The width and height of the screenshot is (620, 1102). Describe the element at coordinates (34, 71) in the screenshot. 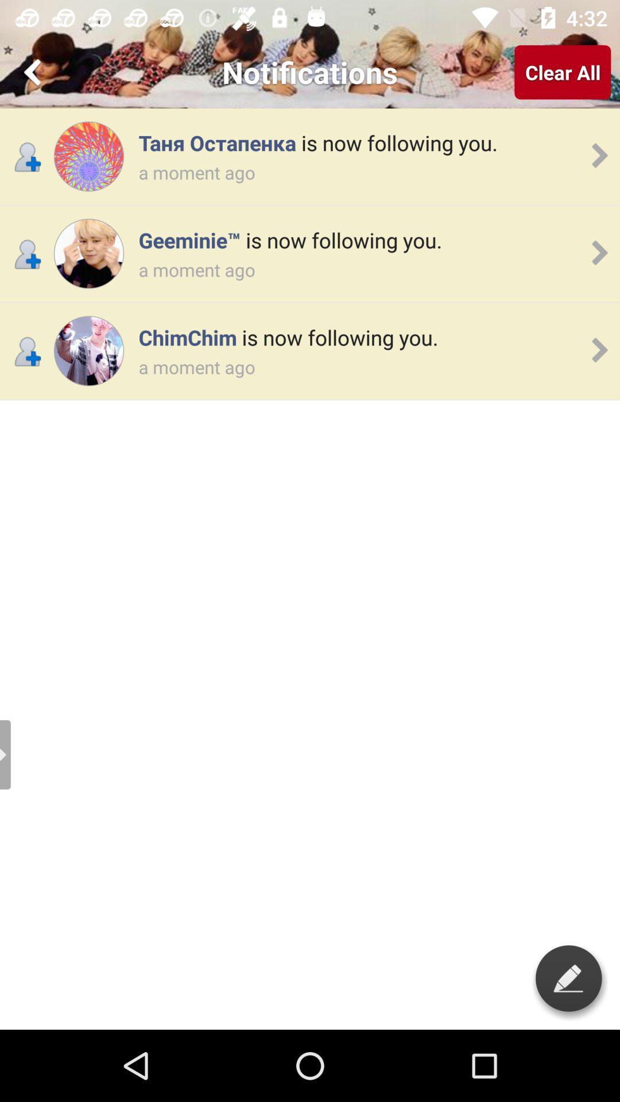

I see `click on the favorites` at that location.